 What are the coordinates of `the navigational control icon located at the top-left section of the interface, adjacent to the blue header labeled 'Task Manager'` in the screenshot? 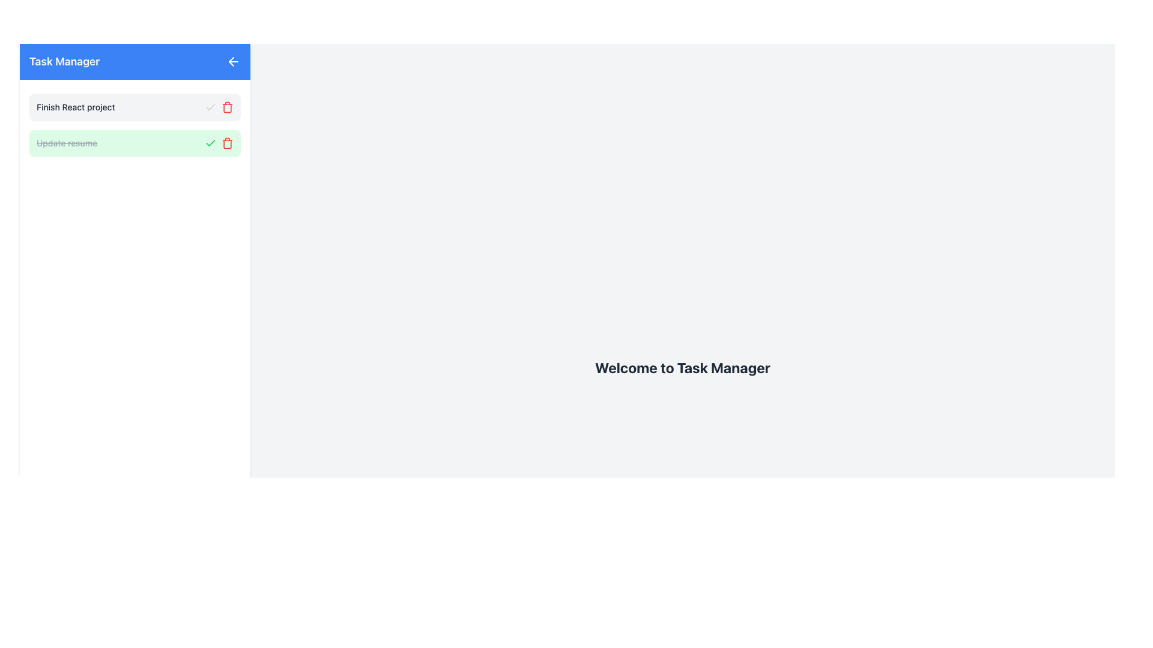 It's located at (231, 62).